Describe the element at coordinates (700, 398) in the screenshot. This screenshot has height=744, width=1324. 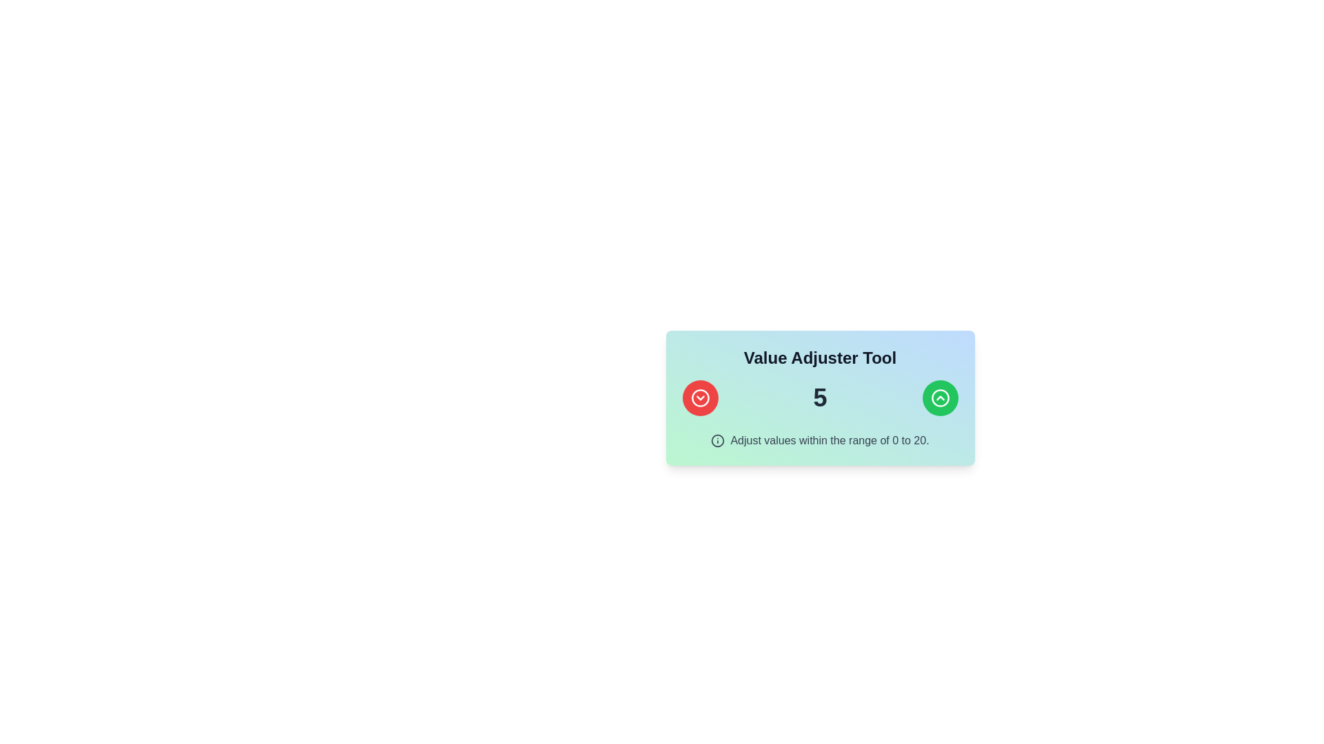
I see `the red circular SVG element with a downward-facing chevron icon, located at the bottom-right corner of the card interface` at that location.